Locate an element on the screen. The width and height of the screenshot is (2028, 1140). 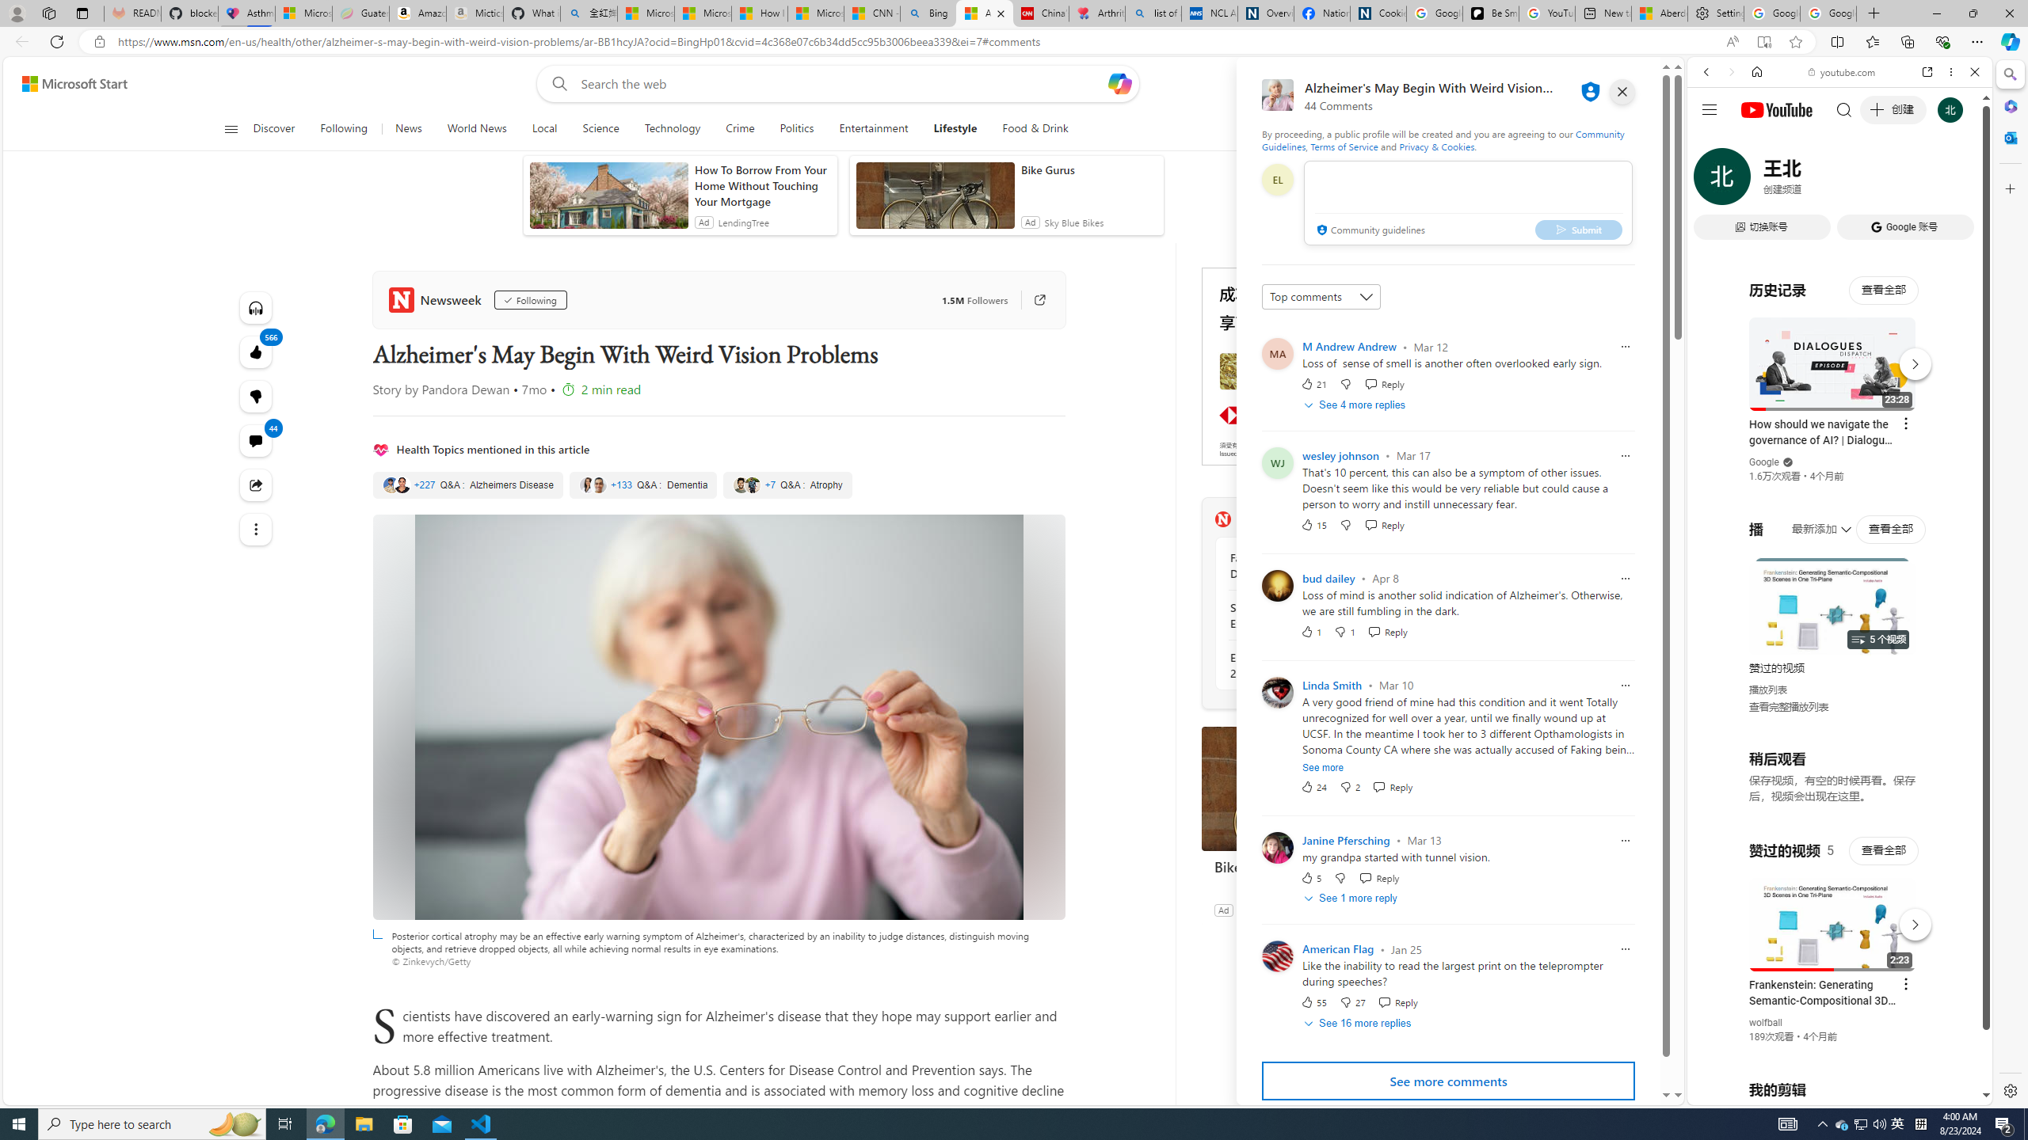
'World News' is located at coordinates (475, 128).